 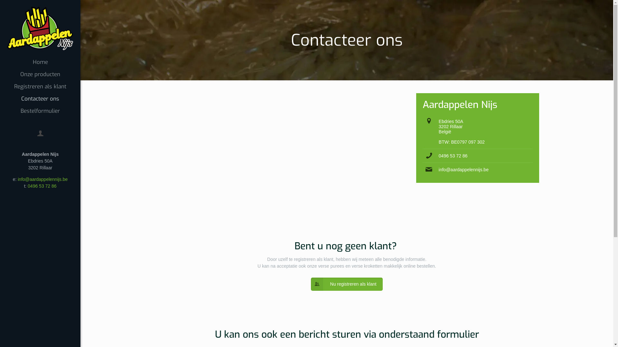 What do you see at coordinates (40, 111) in the screenshot?
I see `'Bestelformulier'` at bounding box center [40, 111].